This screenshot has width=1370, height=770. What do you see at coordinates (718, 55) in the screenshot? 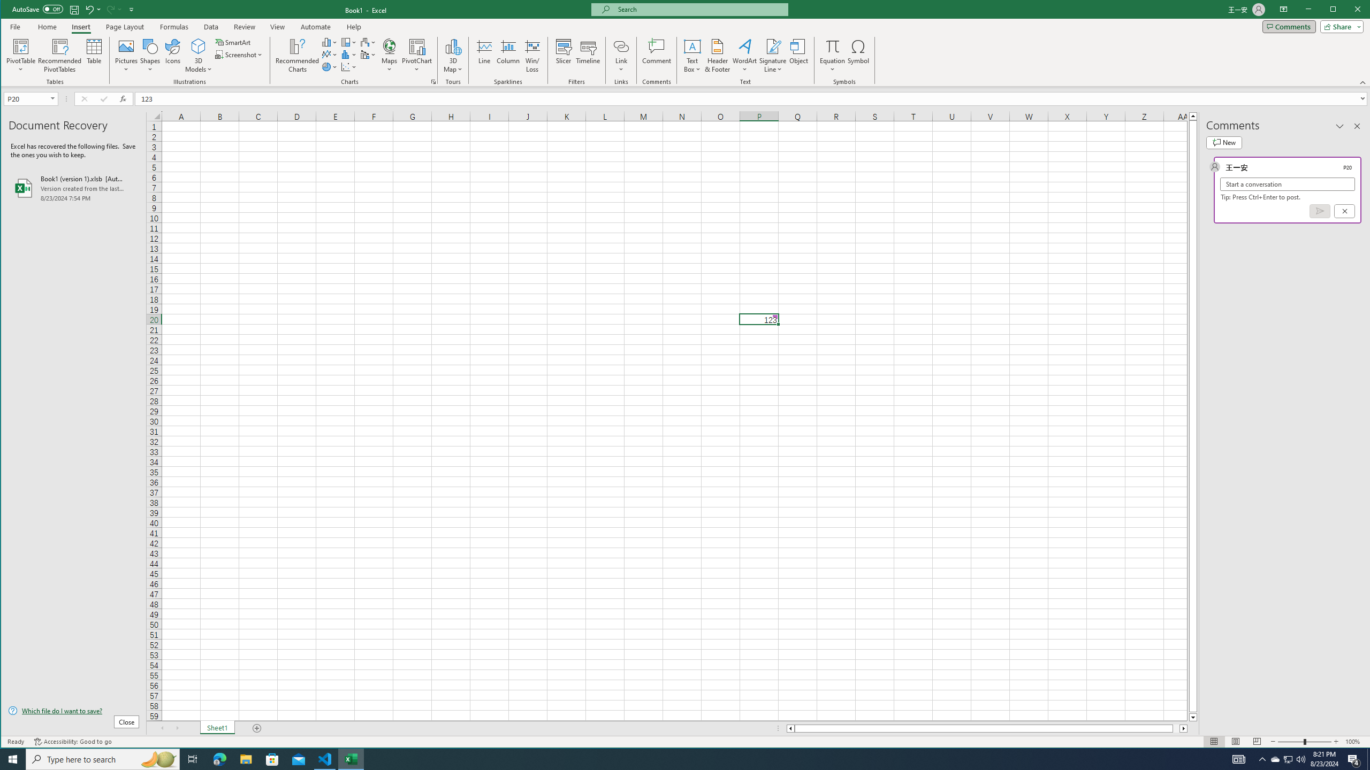
I see `'Header & Footer...'` at bounding box center [718, 55].